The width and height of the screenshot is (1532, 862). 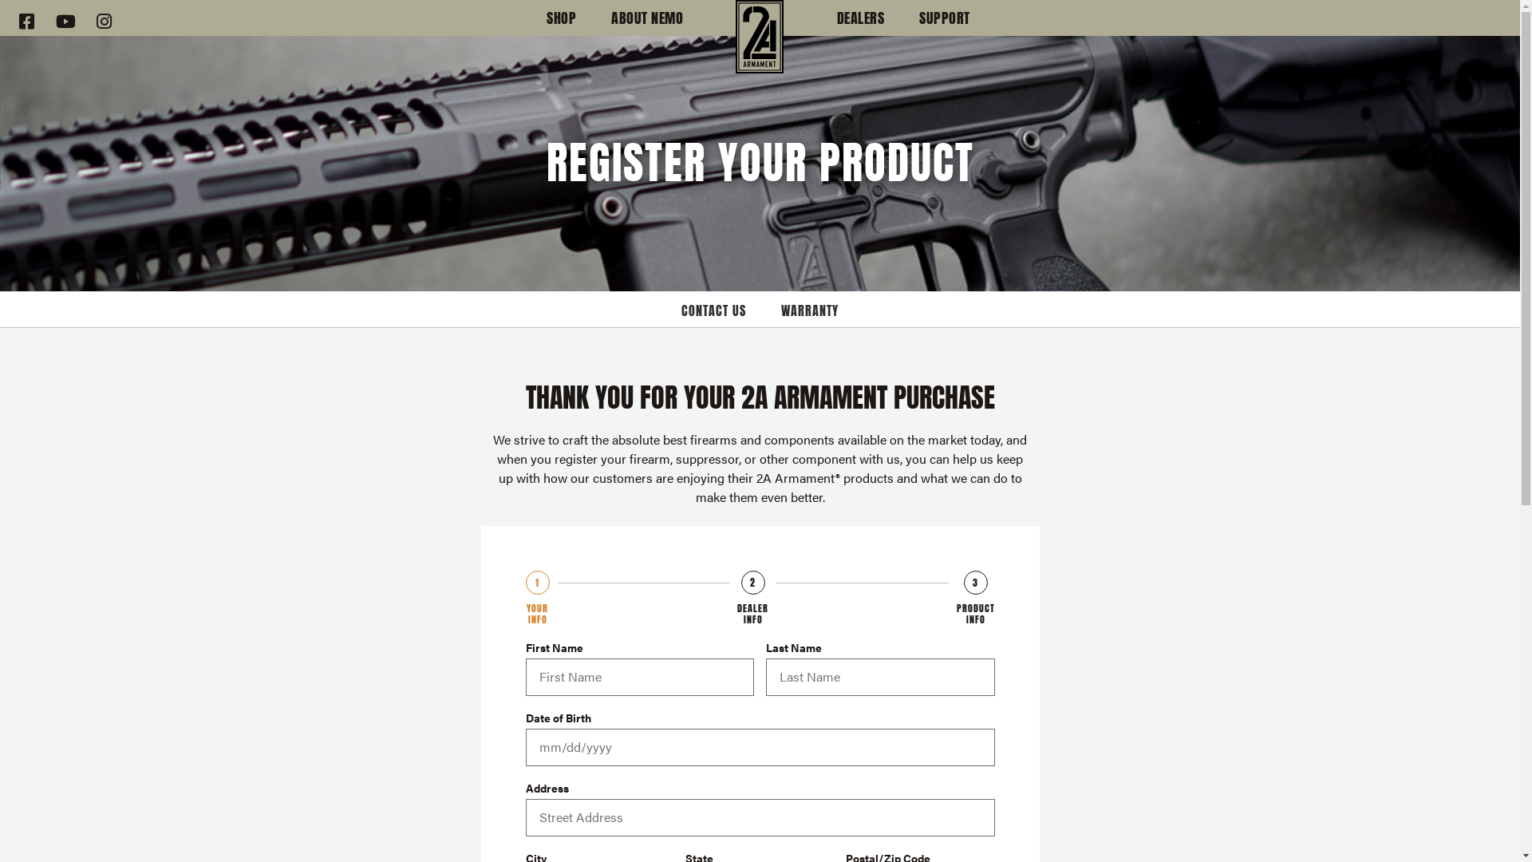 I want to click on 'ABOUT NEMO', so click(x=647, y=18).